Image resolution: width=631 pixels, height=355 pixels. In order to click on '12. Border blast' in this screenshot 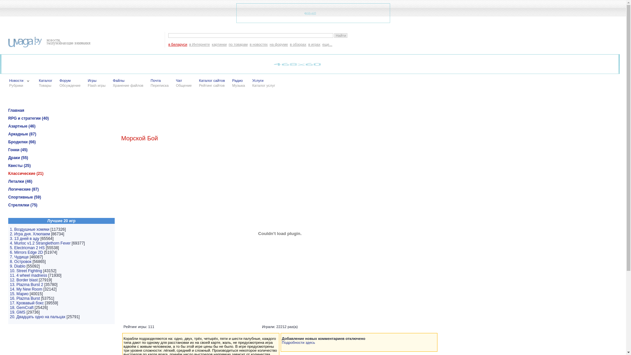, I will do `click(24, 280)`.